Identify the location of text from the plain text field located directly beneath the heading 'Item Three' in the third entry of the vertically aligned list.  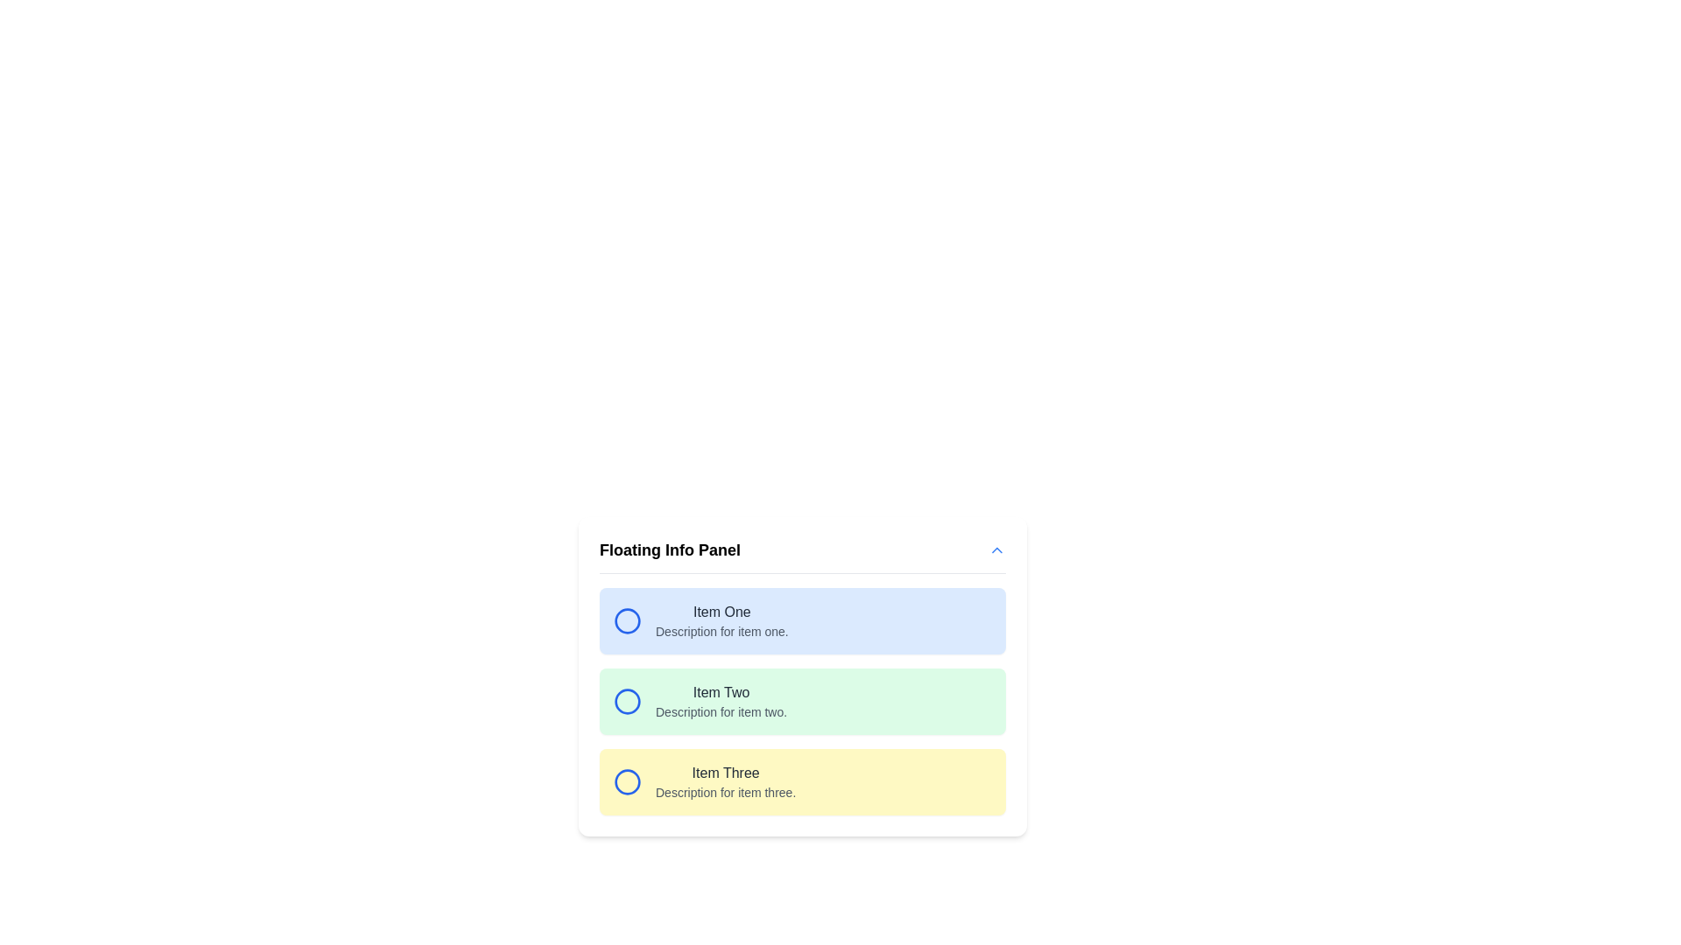
(726, 793).